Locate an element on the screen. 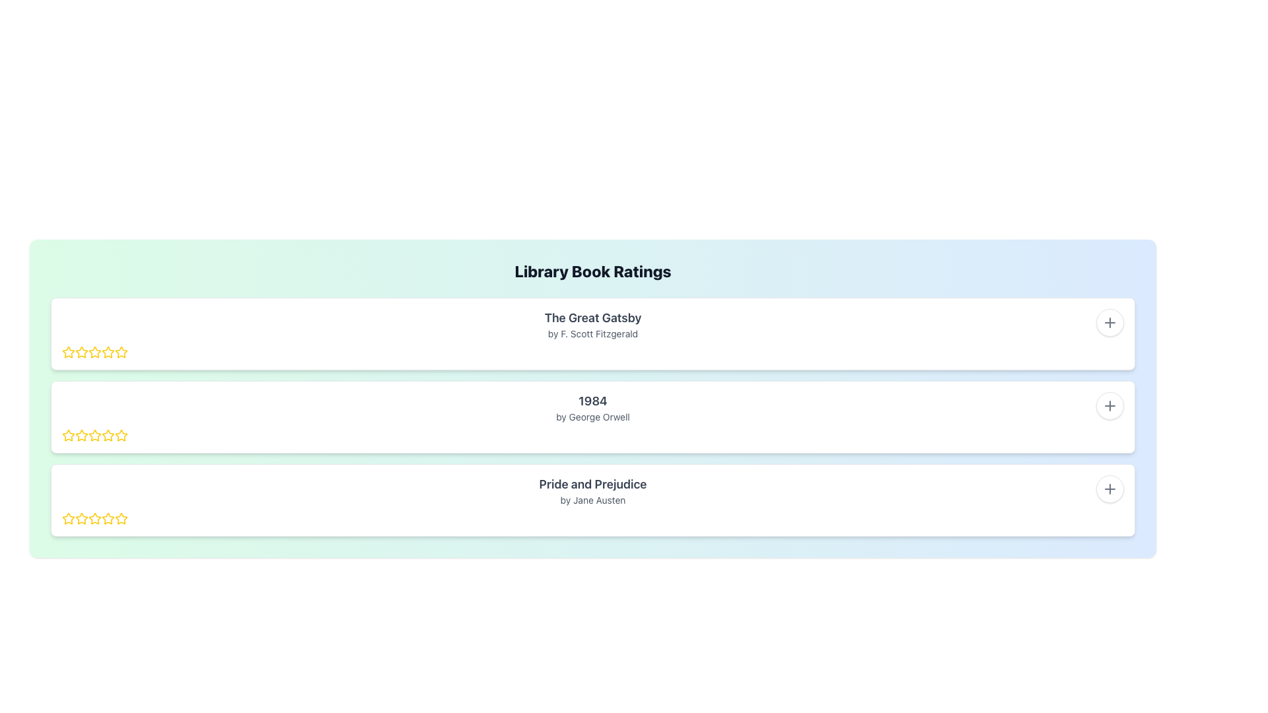 The image size is (1268, 713). the 5th star icon is located at coordinates (121, 435).